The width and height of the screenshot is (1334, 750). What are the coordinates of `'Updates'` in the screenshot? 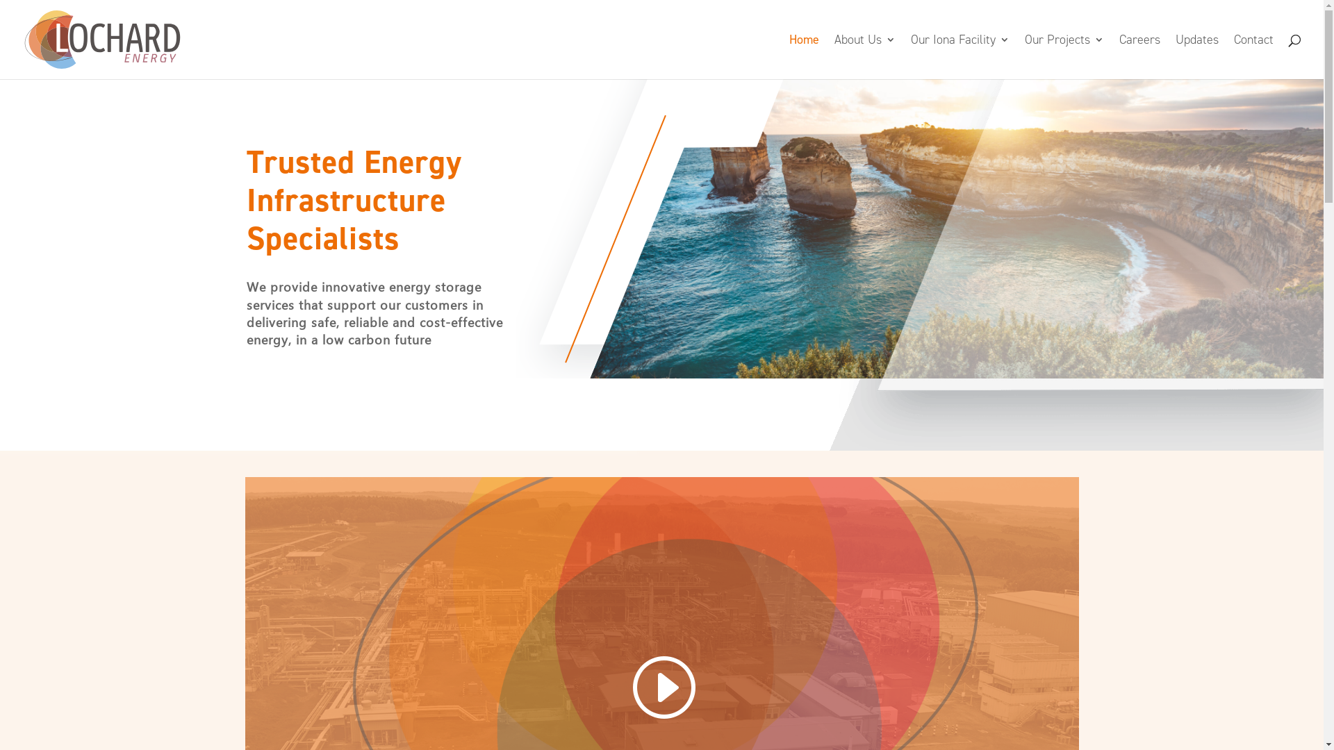 It's located at (1174, 56).